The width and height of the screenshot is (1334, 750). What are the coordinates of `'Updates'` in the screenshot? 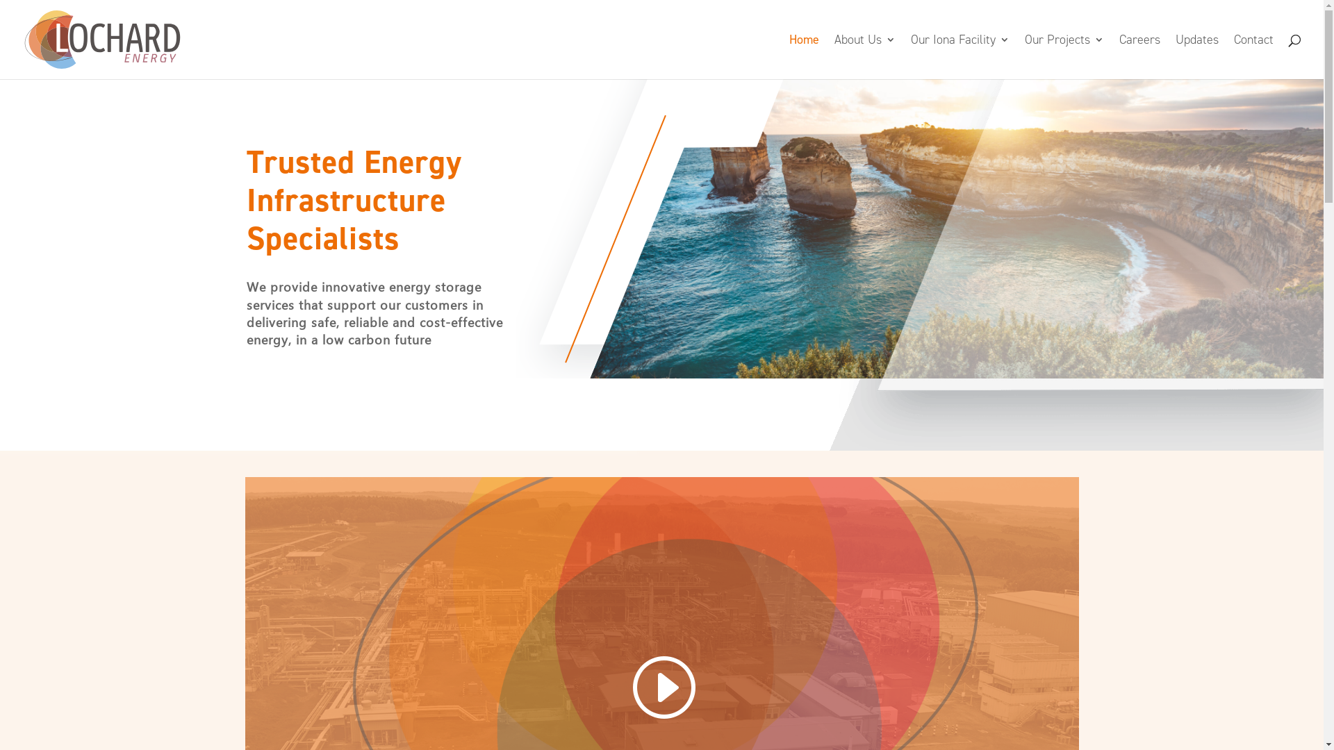 It's located at (1174, 56).